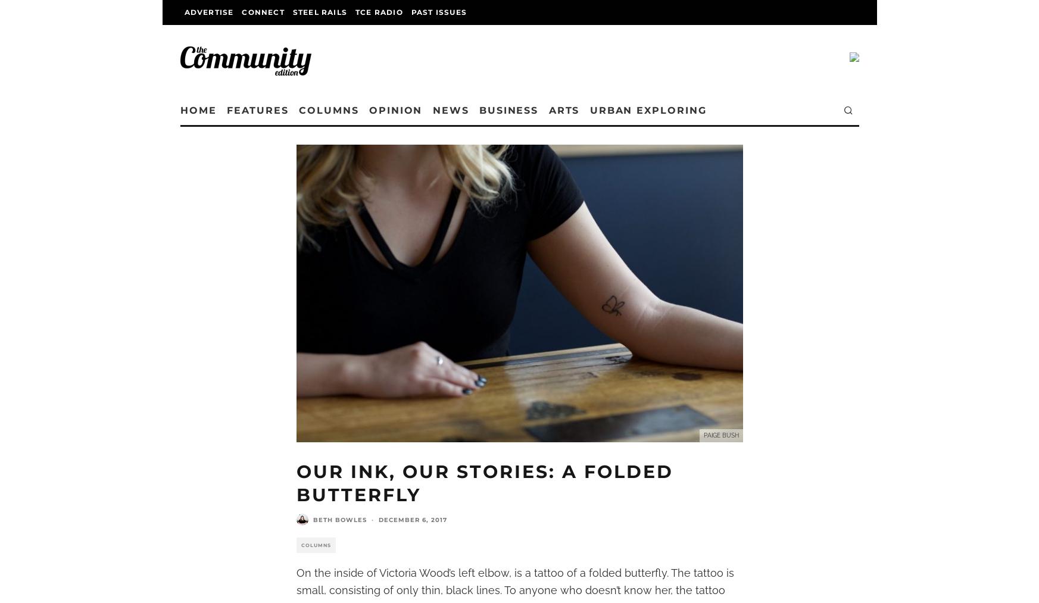 This screenshot has height=603, width=1039. I want to click on 'Advertise', so click(208, 11).